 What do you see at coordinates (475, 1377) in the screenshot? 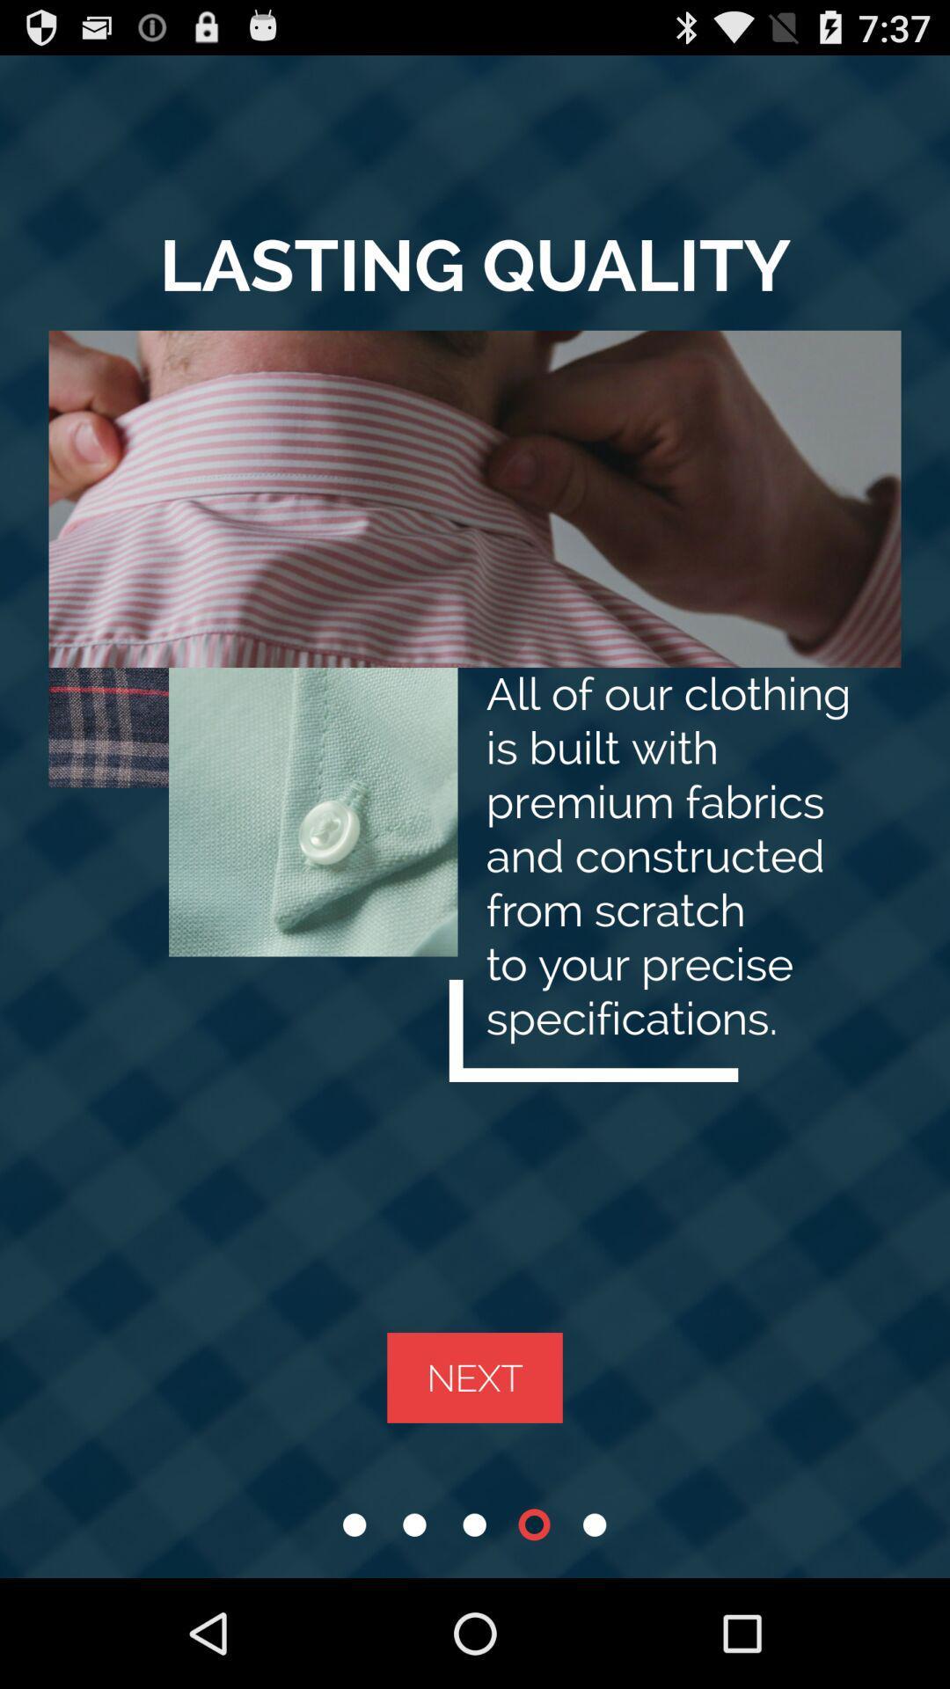
I see `the next app` at bounding box center [475, 1377].